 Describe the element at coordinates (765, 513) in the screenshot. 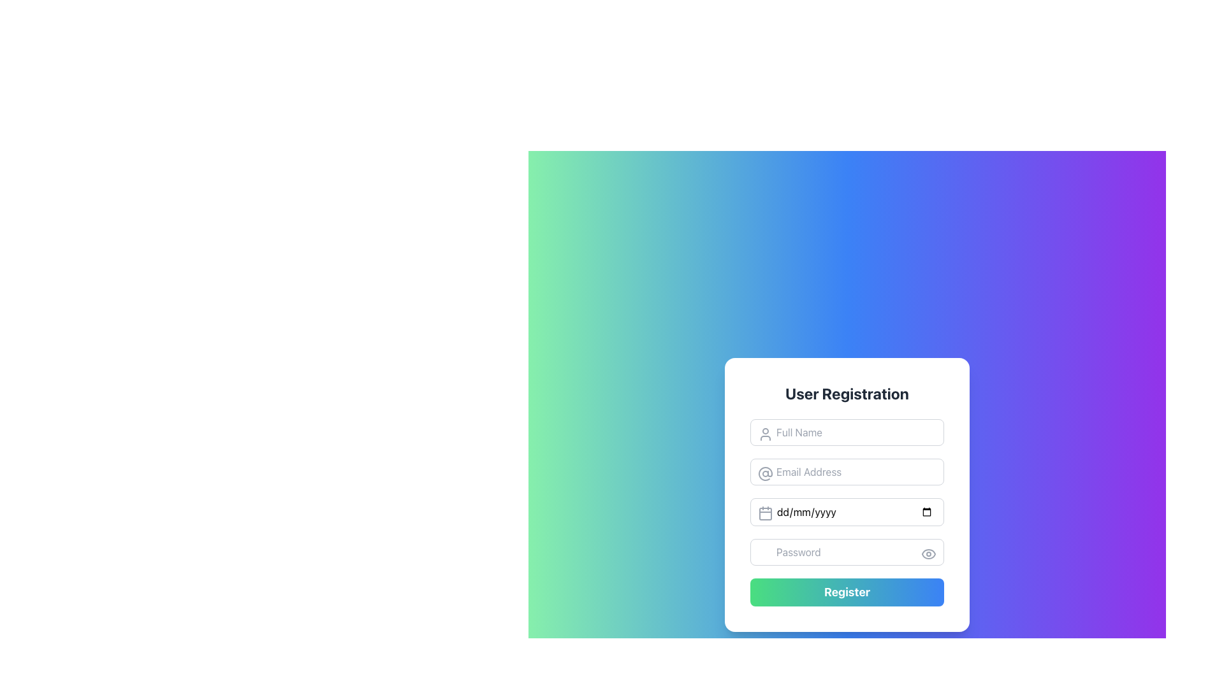

I see `the calendar icon located at the top-left corner of the date input field in the user registration form` at that location.